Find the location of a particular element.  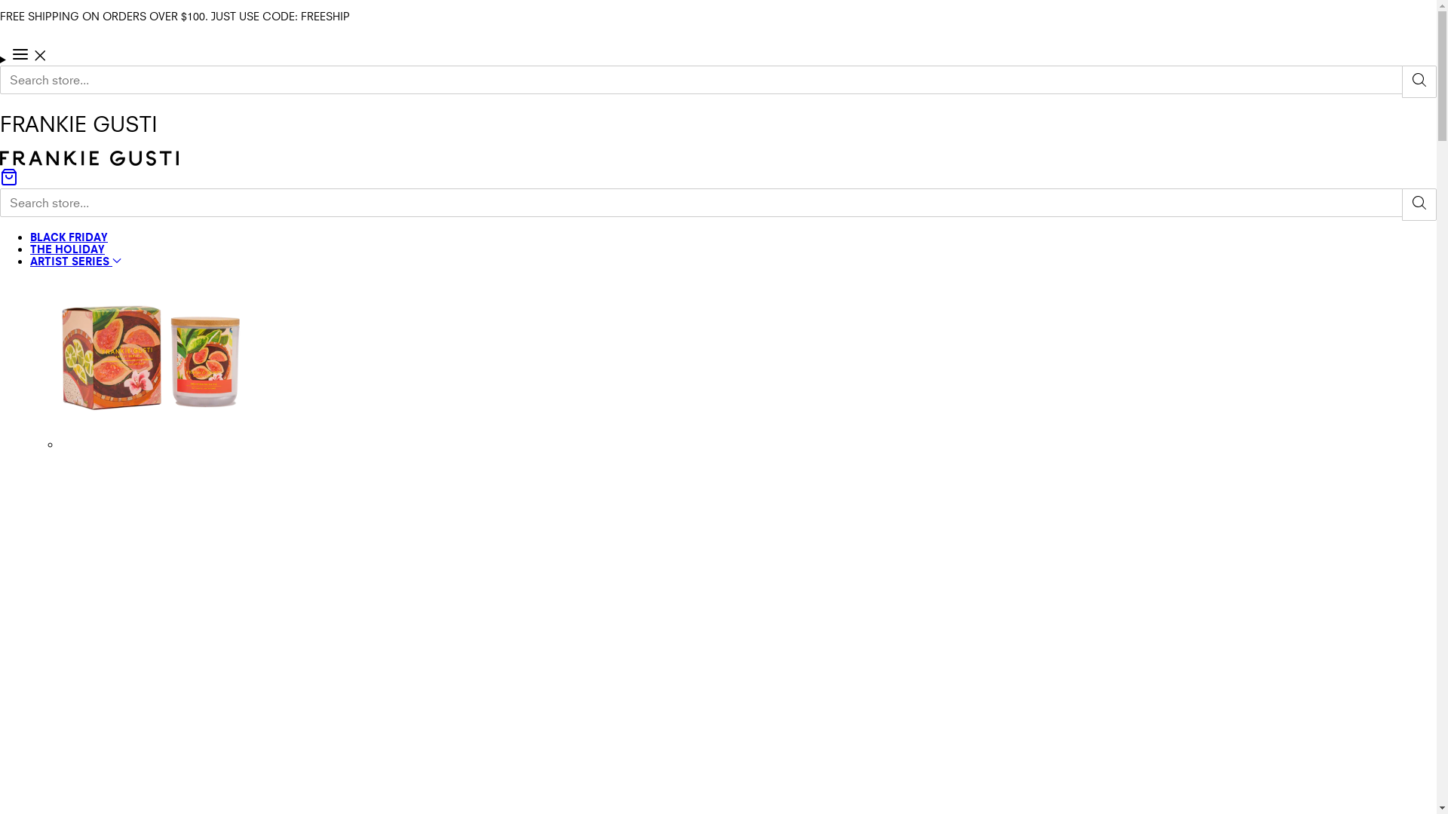

'BLACK FRIDAY' is located at coordinates (68, 237).